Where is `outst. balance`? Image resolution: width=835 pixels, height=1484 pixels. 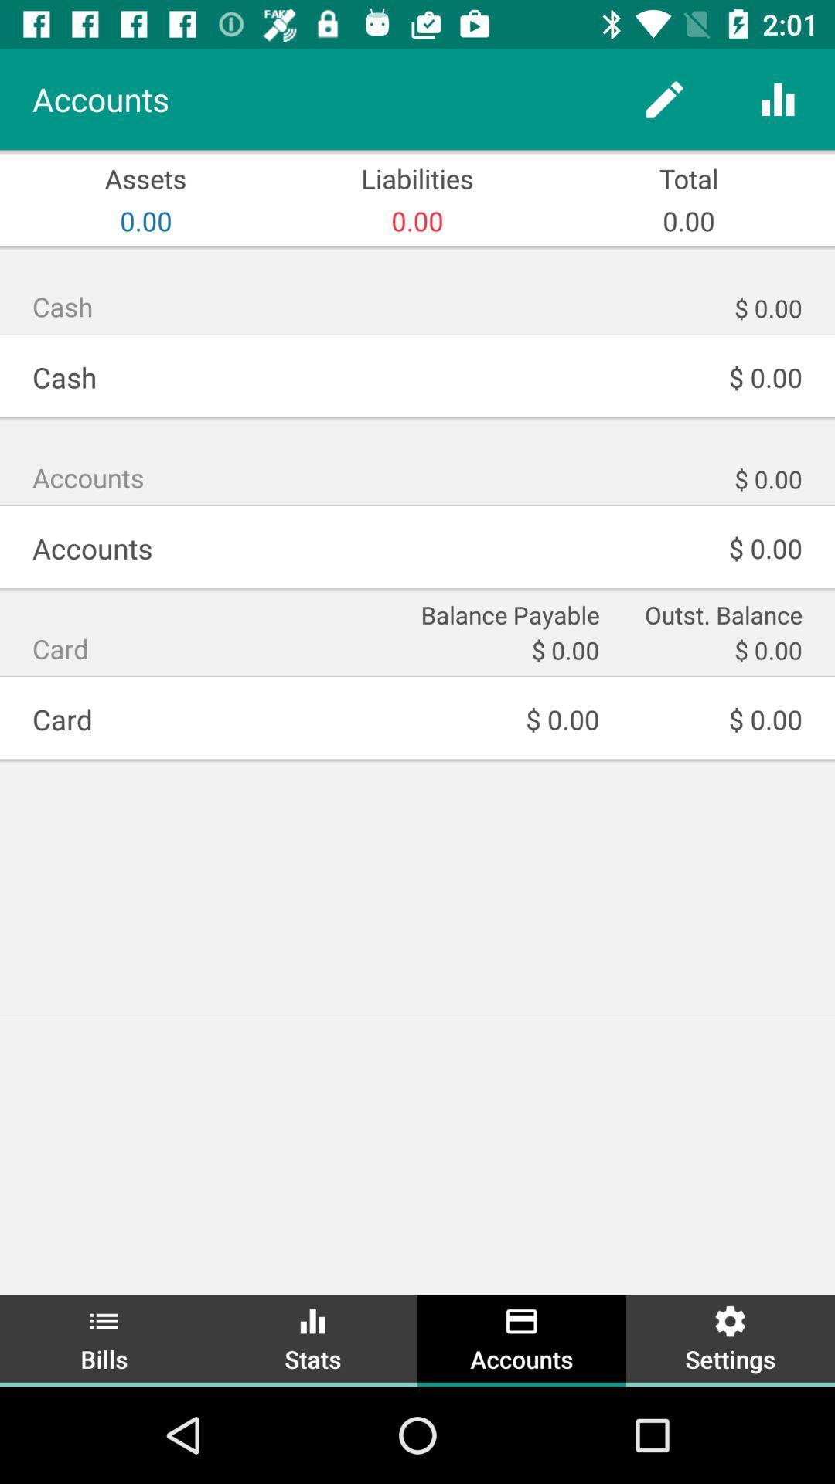
outst. balance is located at coordinates (711, 612).